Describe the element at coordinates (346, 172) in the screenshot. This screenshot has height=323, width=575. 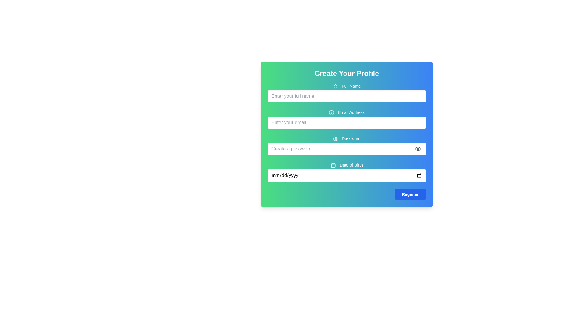
I see `the date input field to focus, which is the last input in the registration form located below the 'Password' field` at that location.